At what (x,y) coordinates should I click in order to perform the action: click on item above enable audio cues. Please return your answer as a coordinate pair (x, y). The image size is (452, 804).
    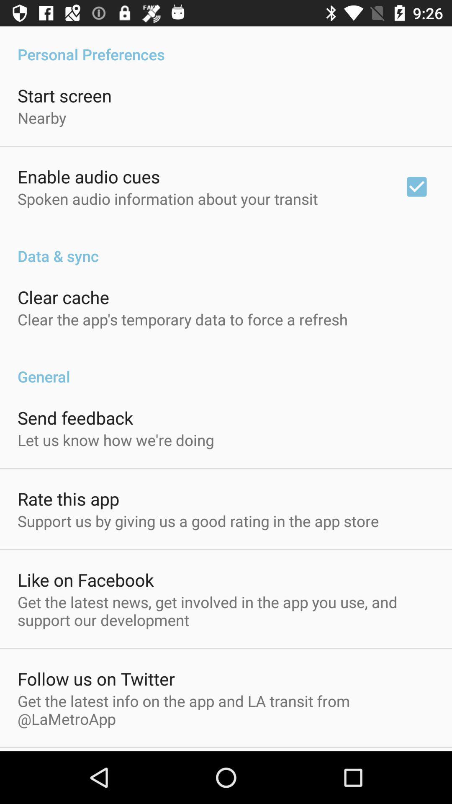
    Looking at the image, I should click on (42, 117).